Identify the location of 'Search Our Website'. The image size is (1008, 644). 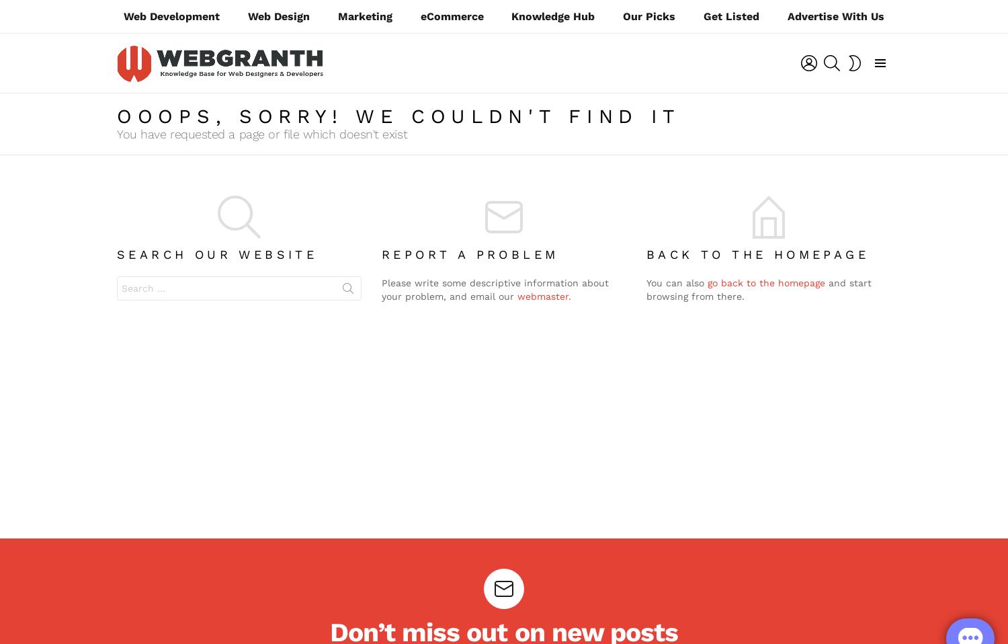
(117, 253).